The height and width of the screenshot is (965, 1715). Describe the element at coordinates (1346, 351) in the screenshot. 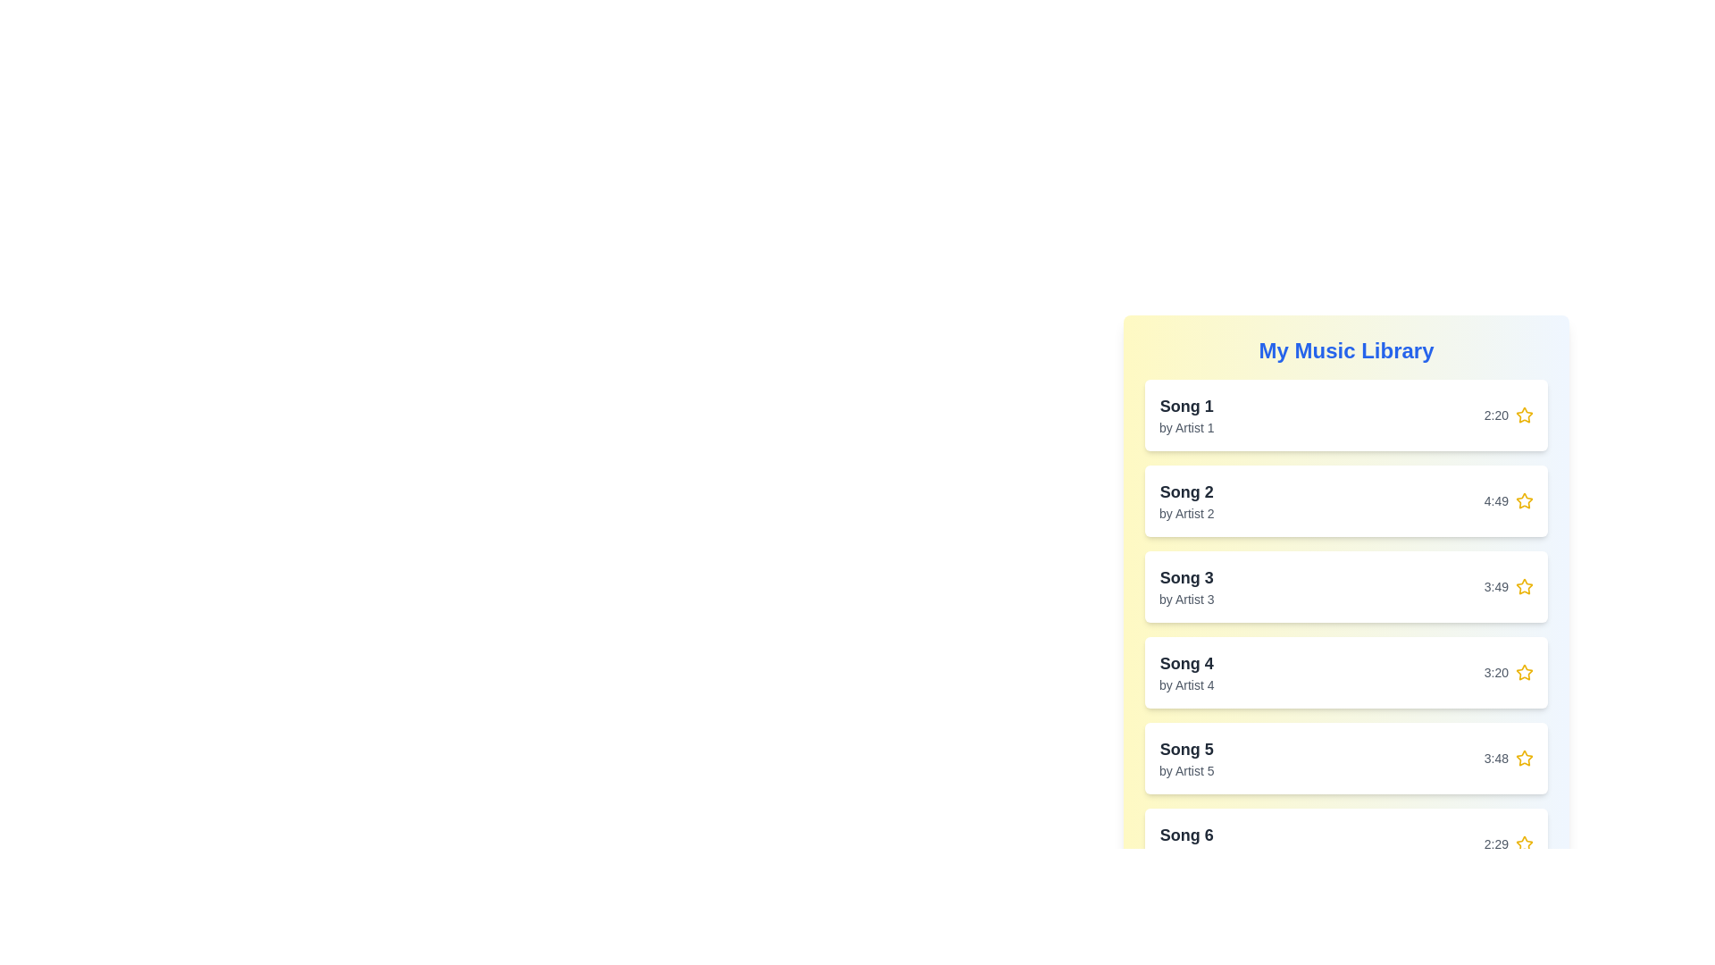

I see `the centered bold header with the text 'My Music Library', which is styled in vibrant blue and located at the top of the music library section` at that location.